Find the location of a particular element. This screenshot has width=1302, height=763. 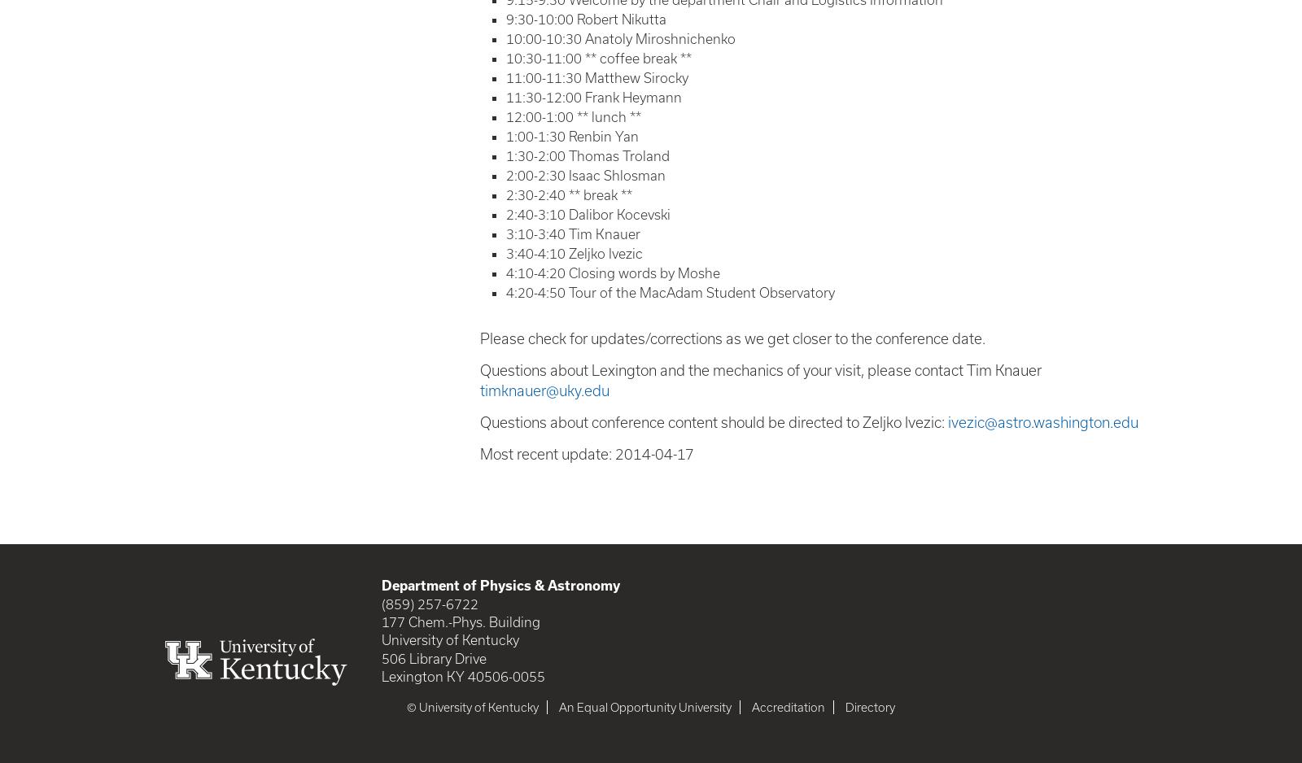

'© University of Kentucky' is located at coordinates (471, 706).